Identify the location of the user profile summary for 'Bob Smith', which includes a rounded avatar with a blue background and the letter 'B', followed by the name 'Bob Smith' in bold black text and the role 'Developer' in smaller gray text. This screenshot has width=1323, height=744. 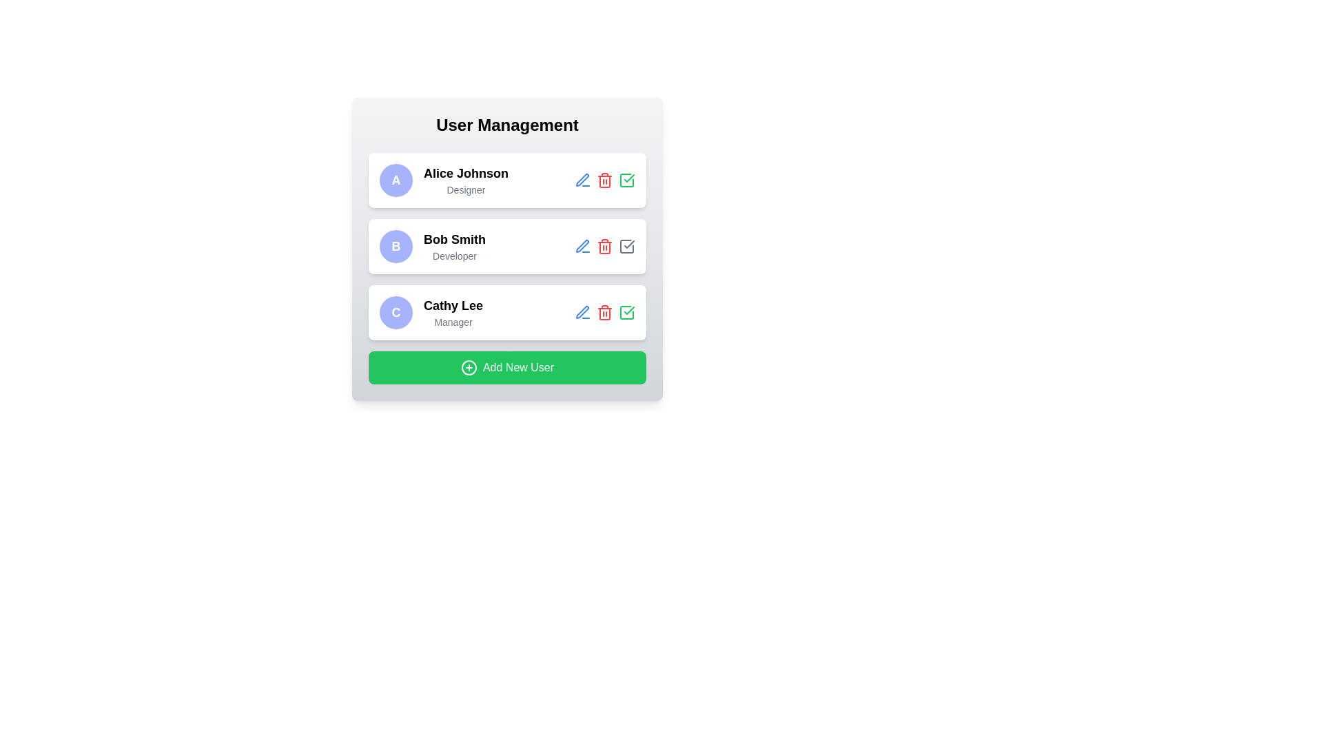
(432, 246).